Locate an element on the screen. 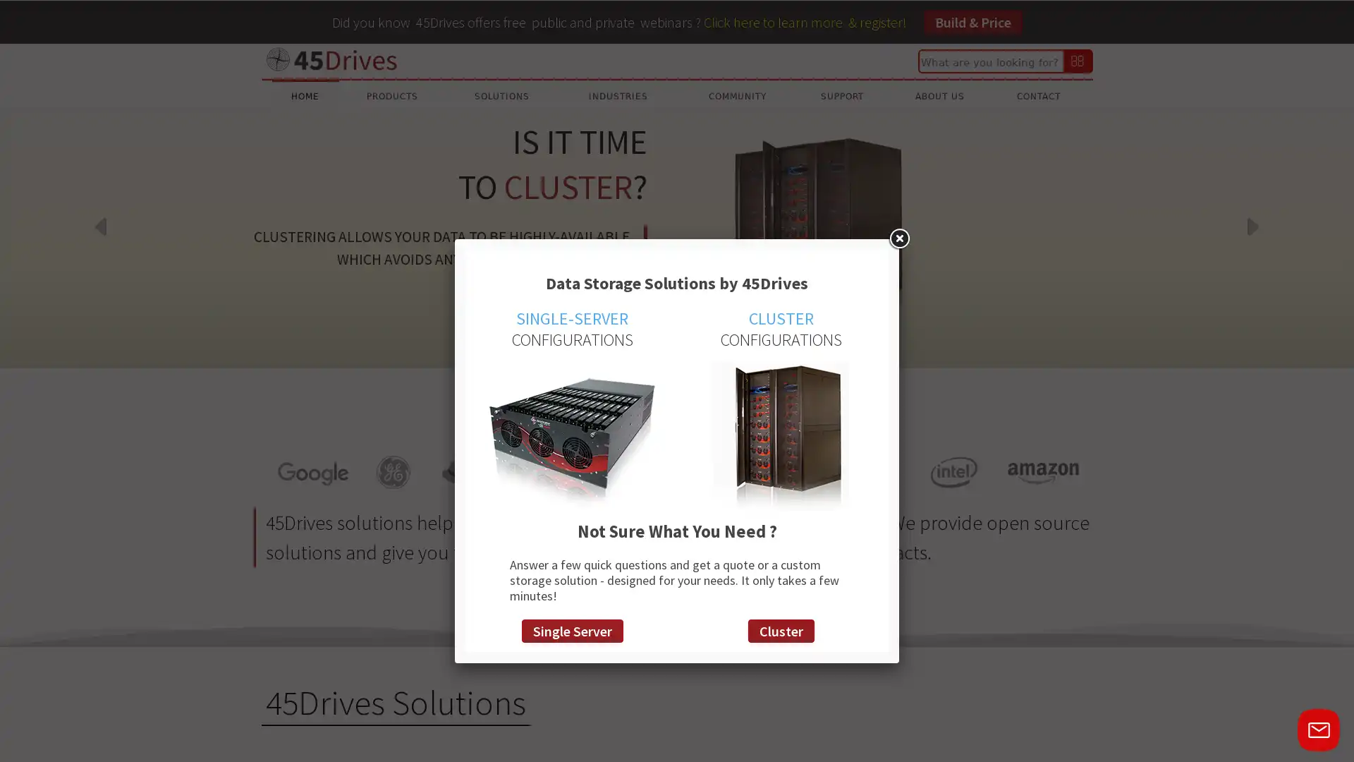  IS IT TIME TO CLUSTER is located at coordinates (613, 349).